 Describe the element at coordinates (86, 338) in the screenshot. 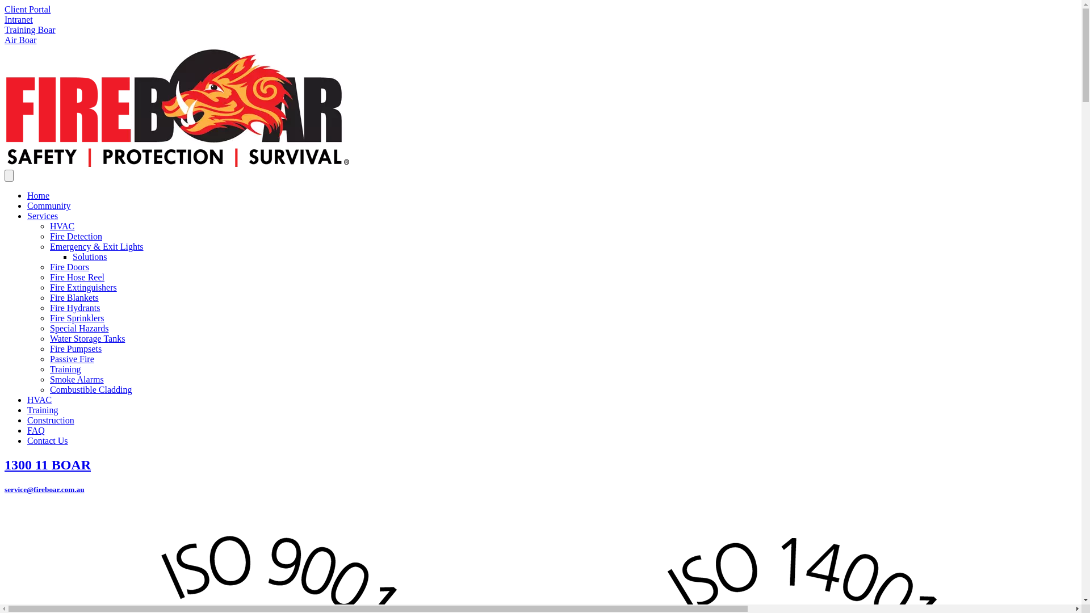

I see `'Water Storage Tanks'` at that location.